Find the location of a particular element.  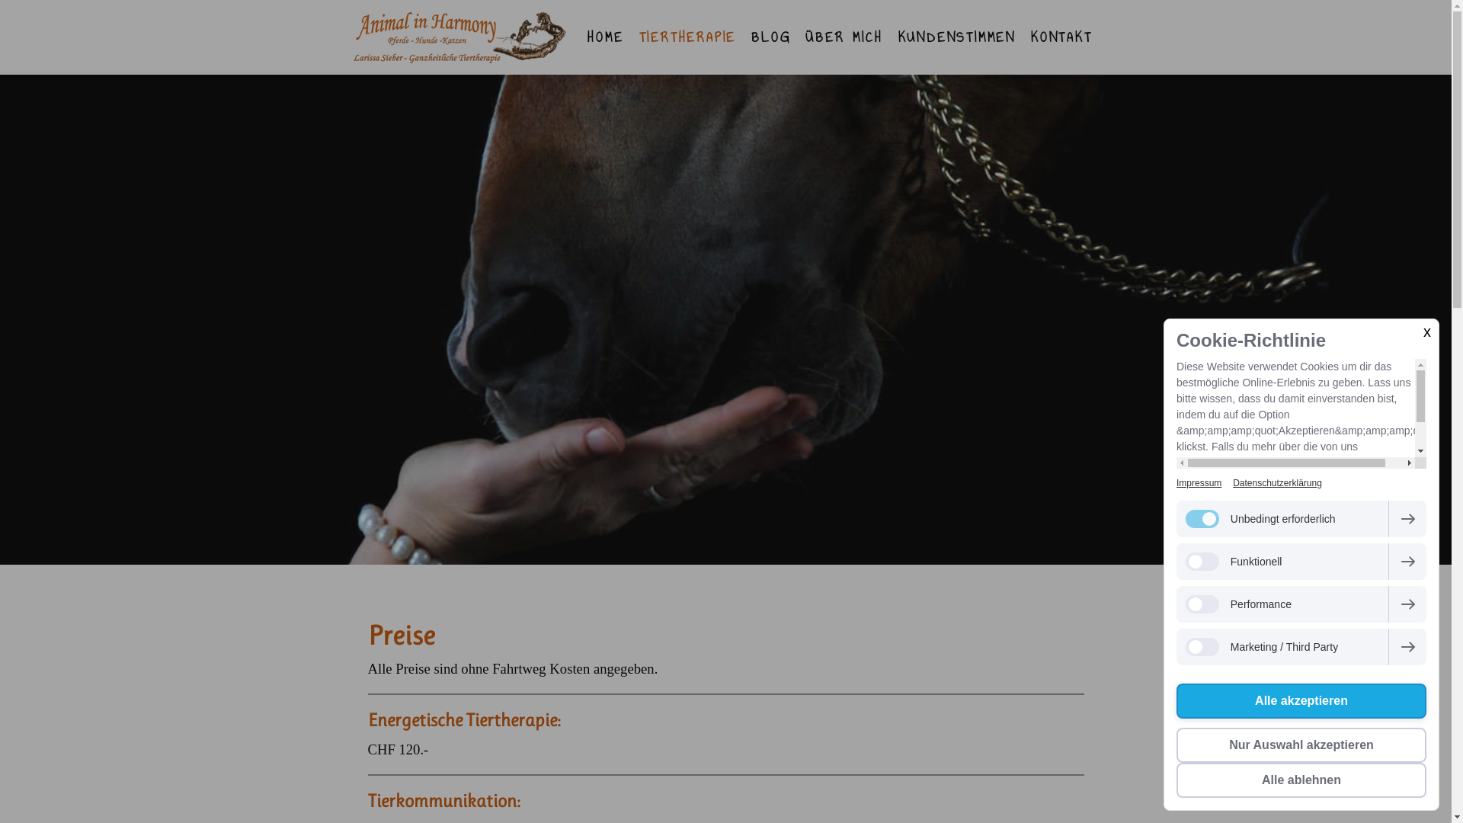

'KUNDENSTIMMEN' is located at coordinates (956, 37).